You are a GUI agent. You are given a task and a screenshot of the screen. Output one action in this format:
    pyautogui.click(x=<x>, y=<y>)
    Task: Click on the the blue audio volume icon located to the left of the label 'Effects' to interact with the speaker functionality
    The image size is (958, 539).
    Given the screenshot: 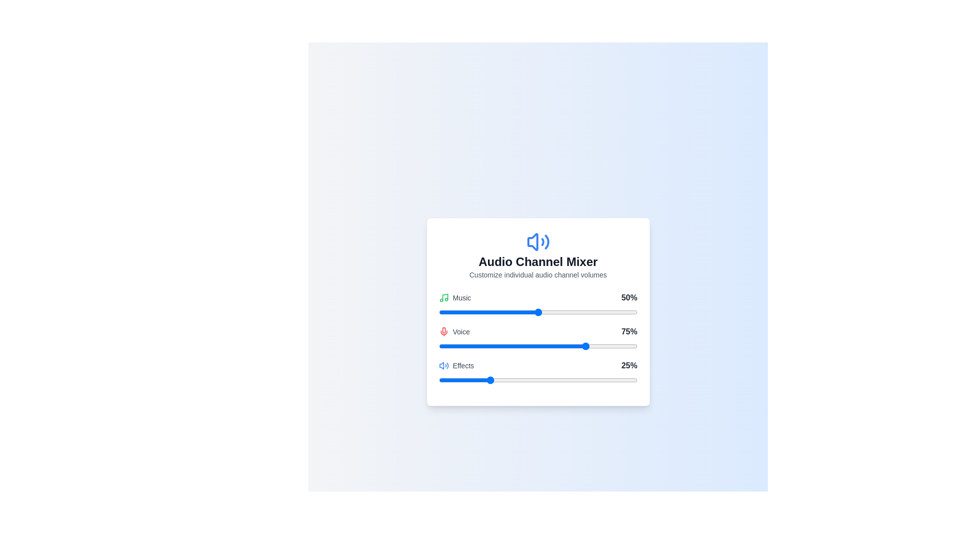 What is the action you would take?
    pyautogui.click(x=443, y=365)
    